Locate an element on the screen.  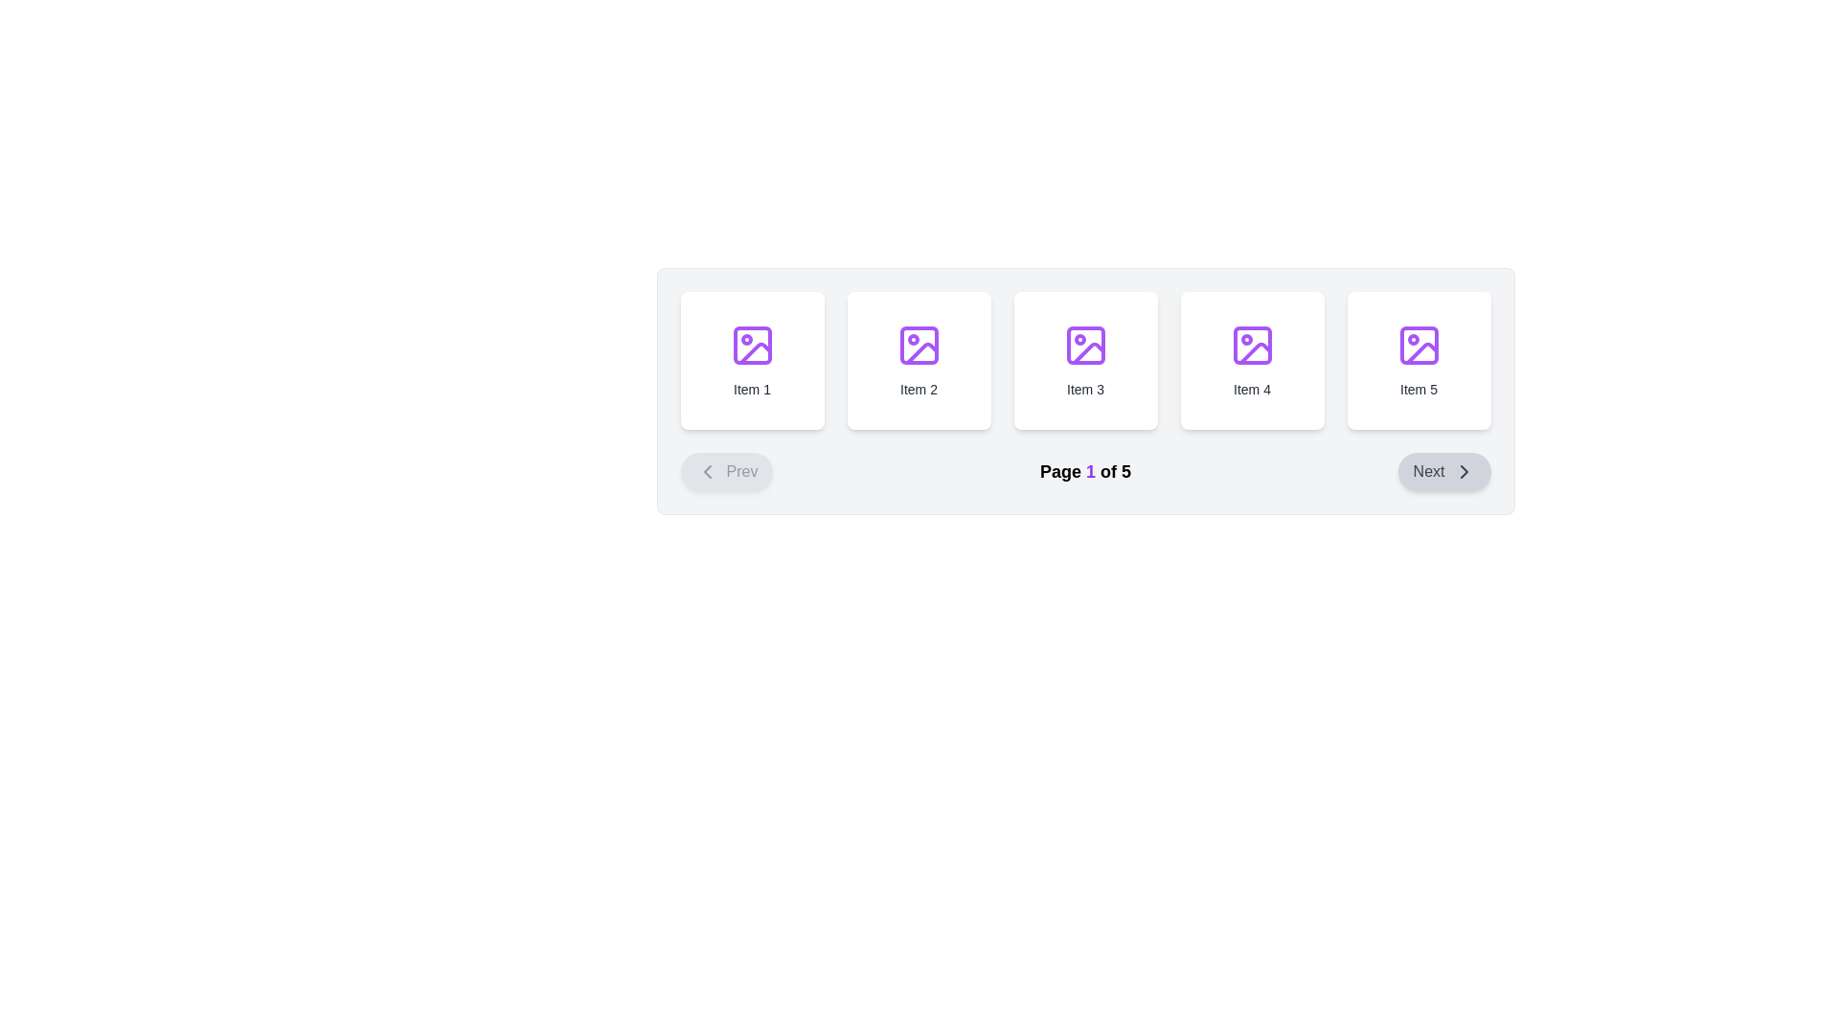
the Label displaying 'Item 1' in small gray text, located below the purple icon in the first card of a row of cards is located at coordinates (751, 389).